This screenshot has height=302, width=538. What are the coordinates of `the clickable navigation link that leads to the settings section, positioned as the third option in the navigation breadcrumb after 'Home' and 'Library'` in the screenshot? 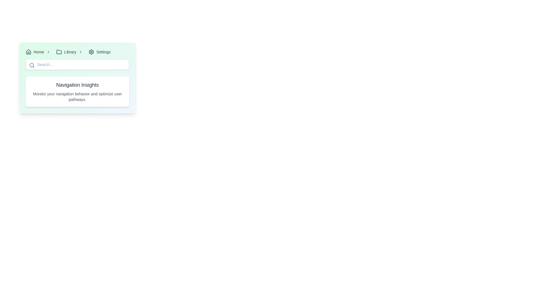 It's located at (99, 52).